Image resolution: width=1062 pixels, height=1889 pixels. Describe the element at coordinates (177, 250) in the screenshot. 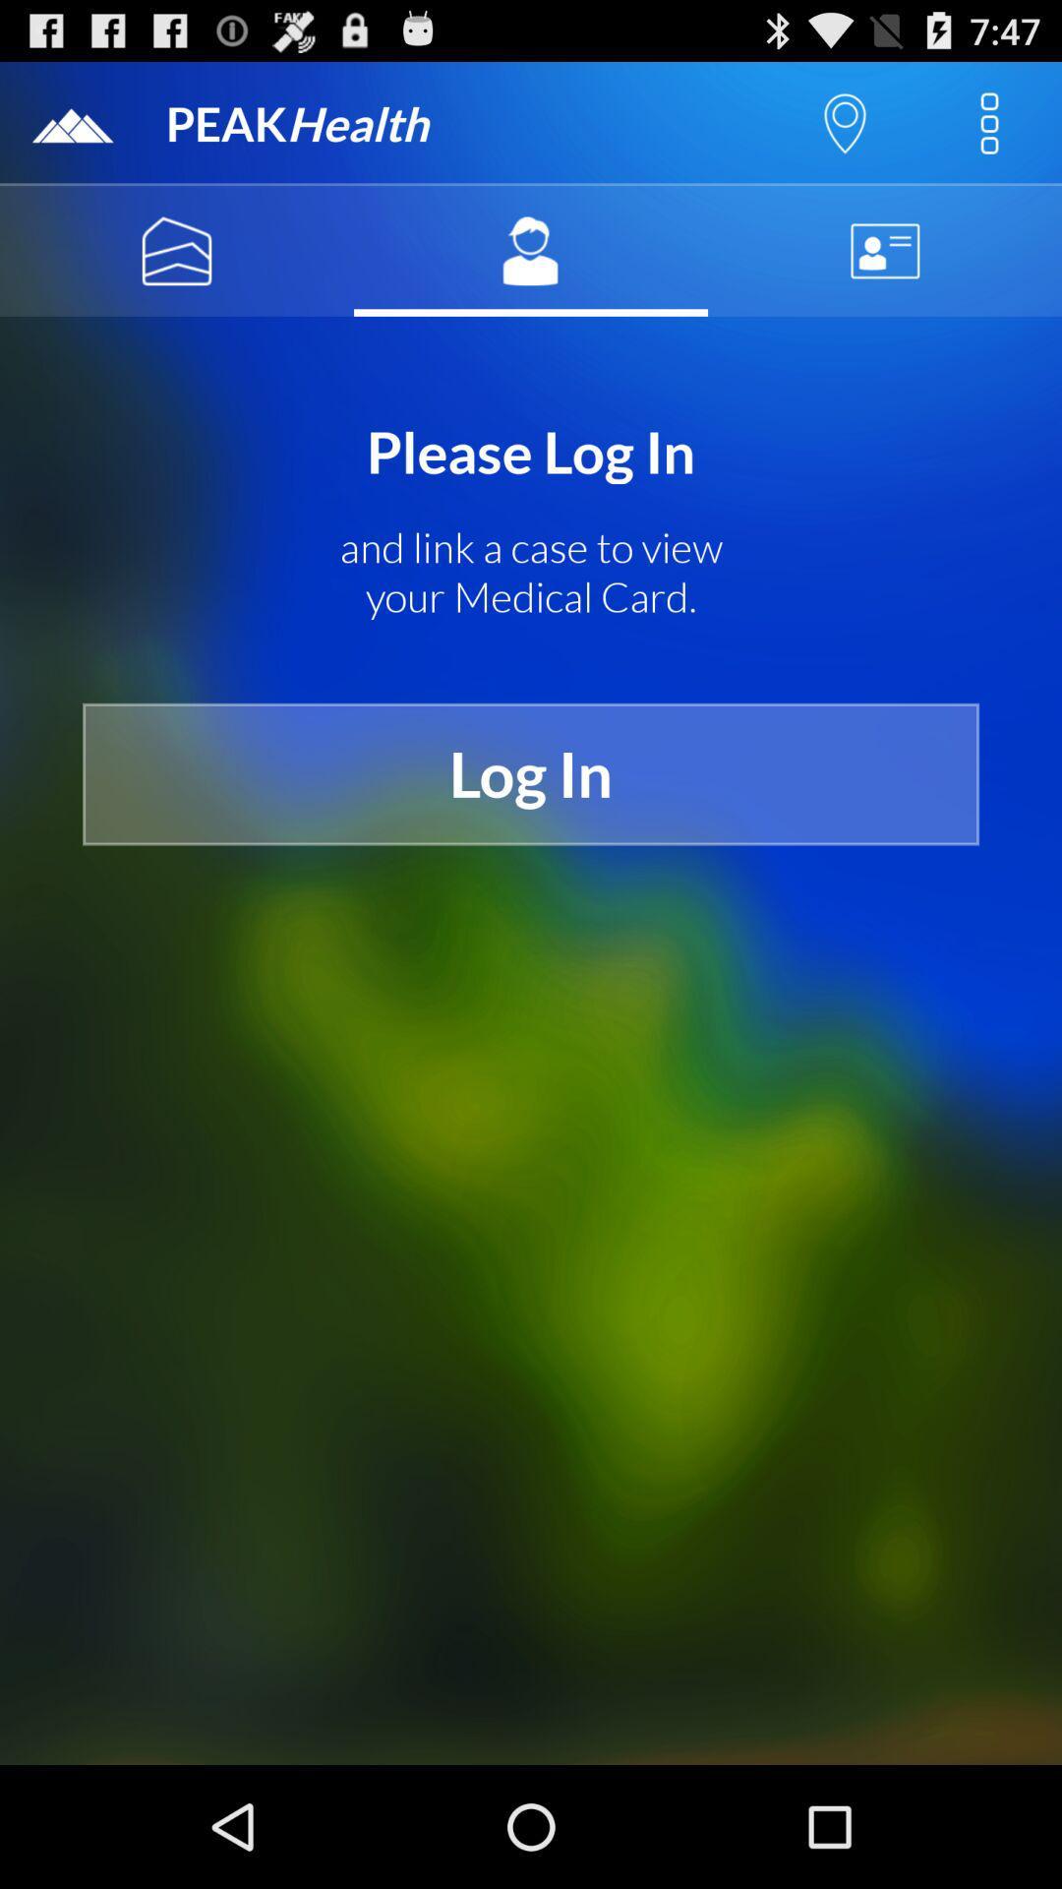

I see `item above please log in icon` at that location.